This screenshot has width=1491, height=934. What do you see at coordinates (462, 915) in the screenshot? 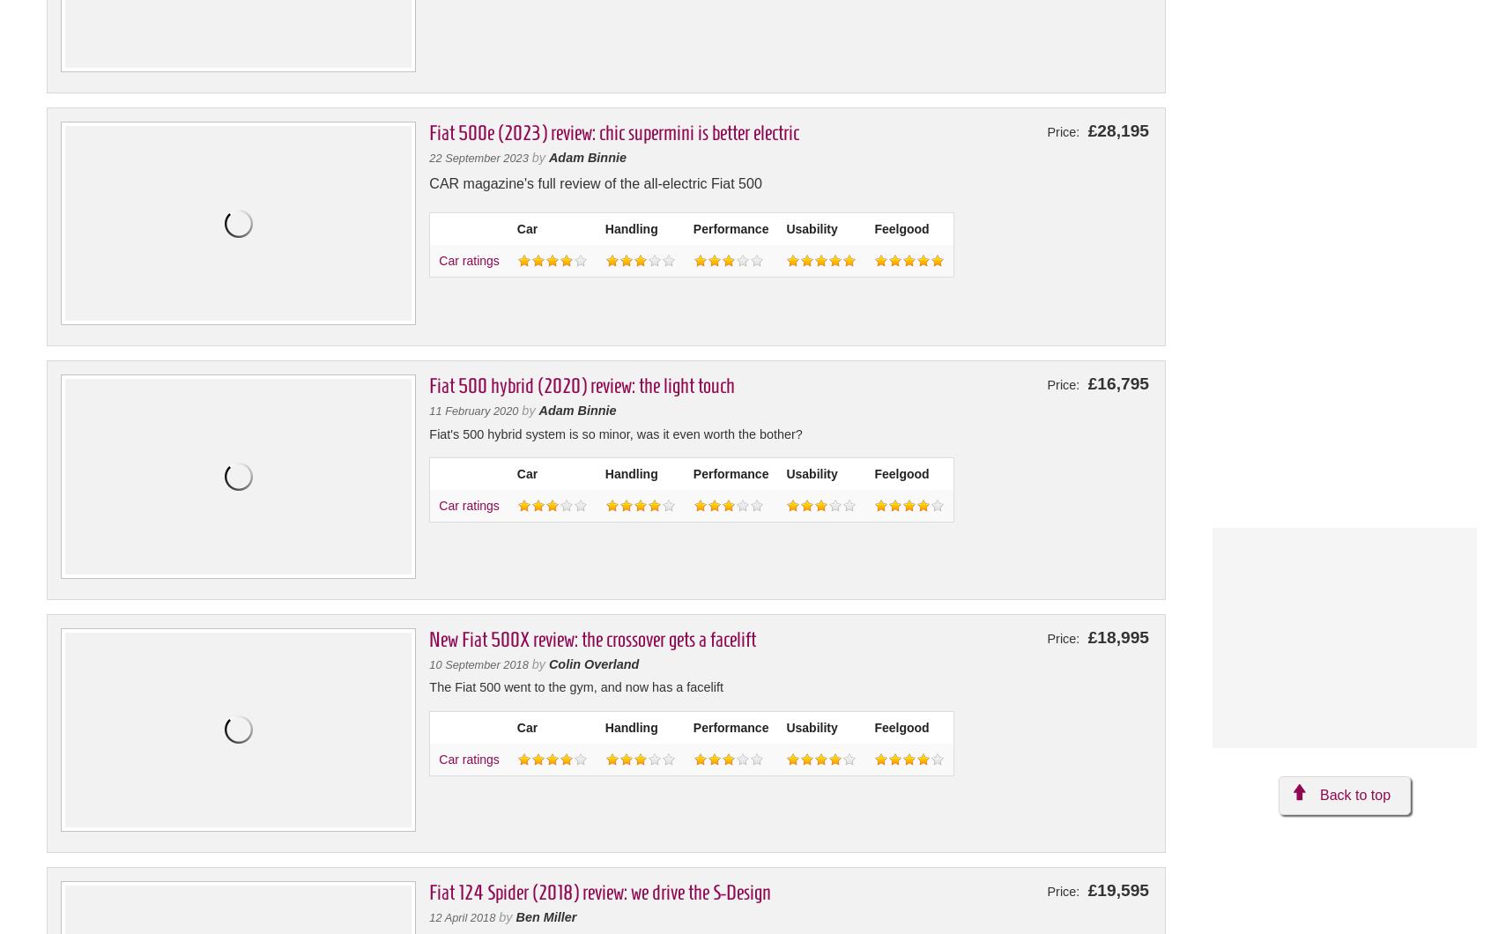
I see `'12 April 2018'` at bounding box center [462, 915].